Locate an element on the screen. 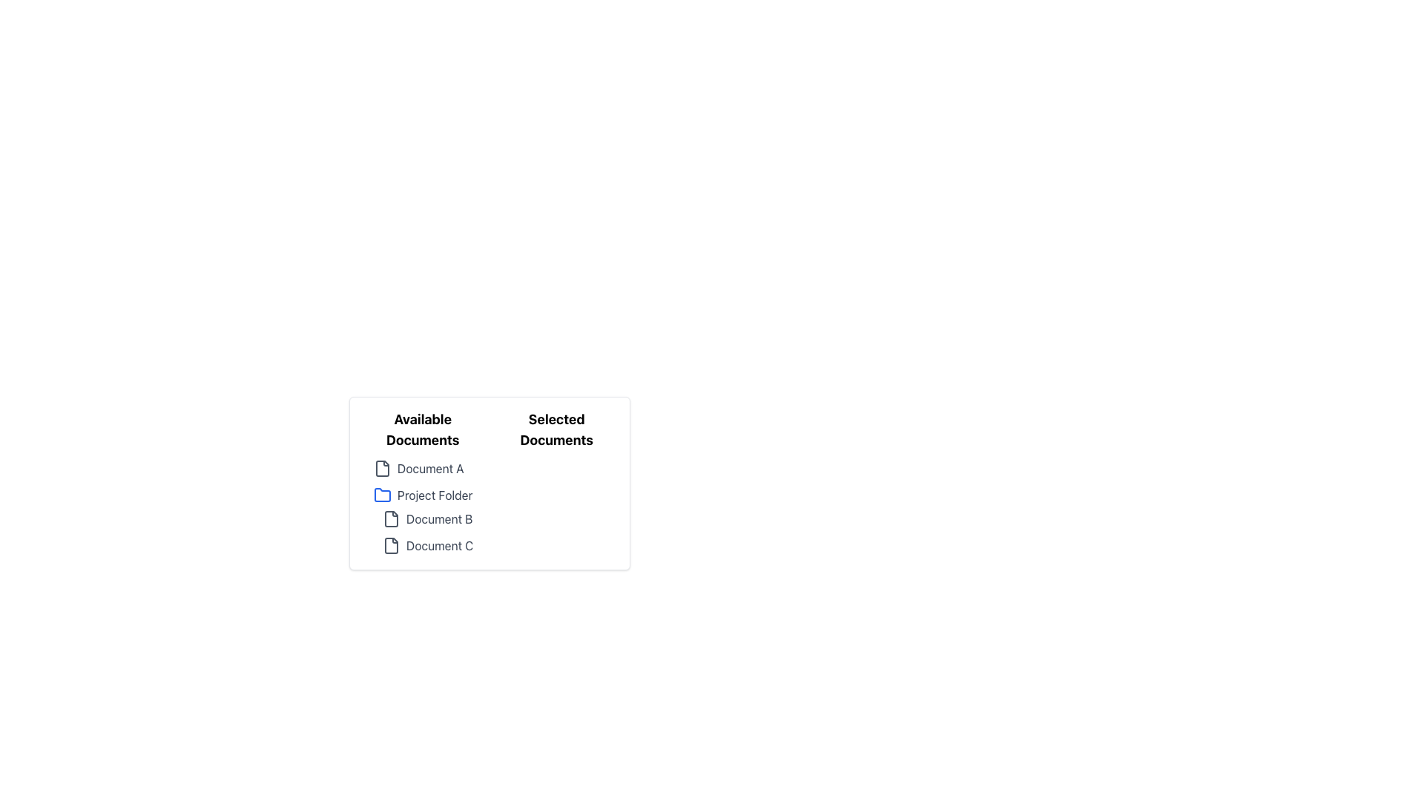 The width and height of the screenshot is (1424, 801). red document file icon located within the 'Document B' entry under 'Available Documents' is located at coordinates (392, 518).